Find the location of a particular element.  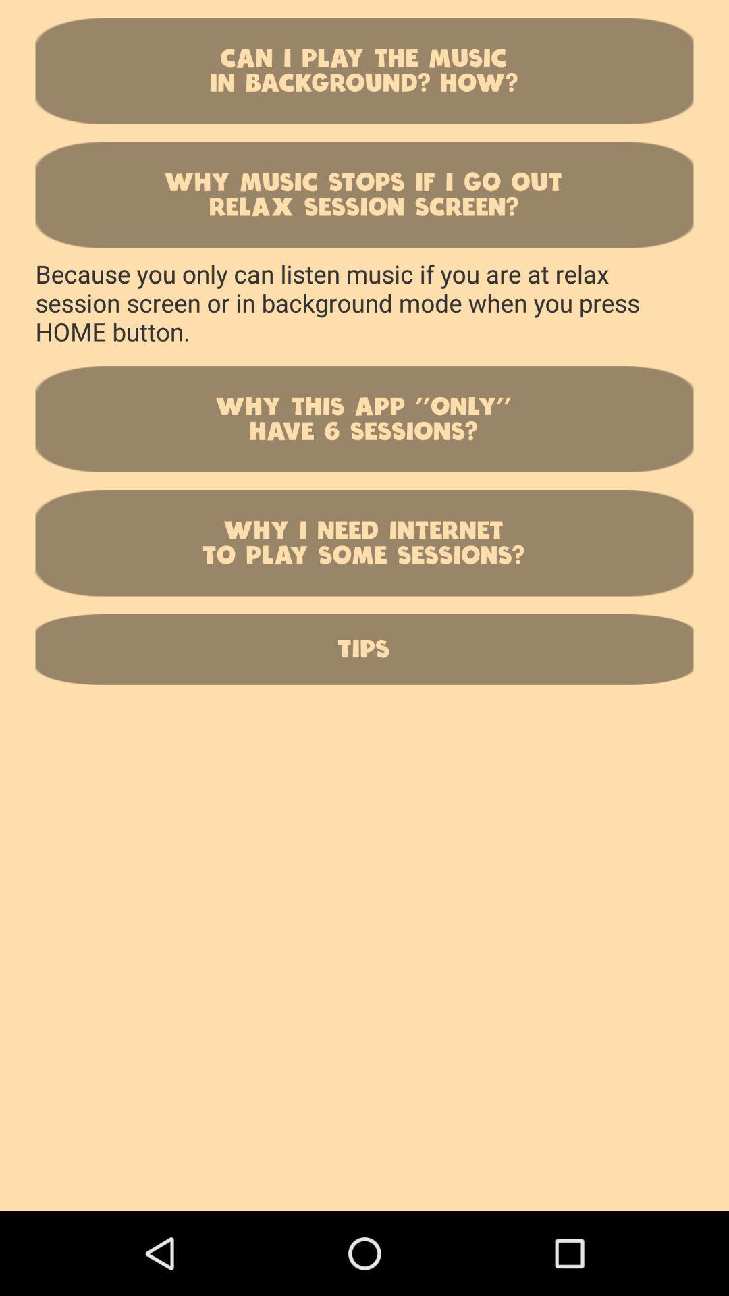

the app below because you only item is located at coordinates (364, 418).